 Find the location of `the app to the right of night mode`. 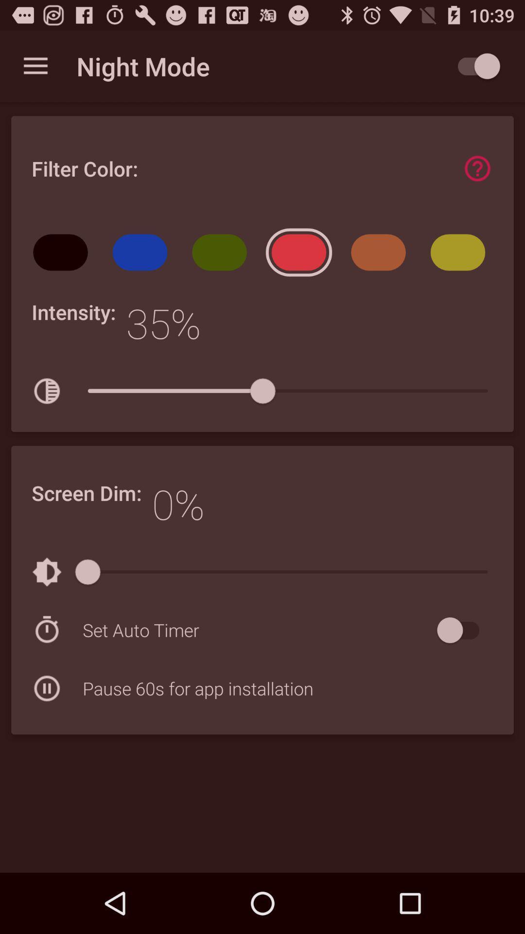

the app to the right of night mode is located at coordinates (473, 66).